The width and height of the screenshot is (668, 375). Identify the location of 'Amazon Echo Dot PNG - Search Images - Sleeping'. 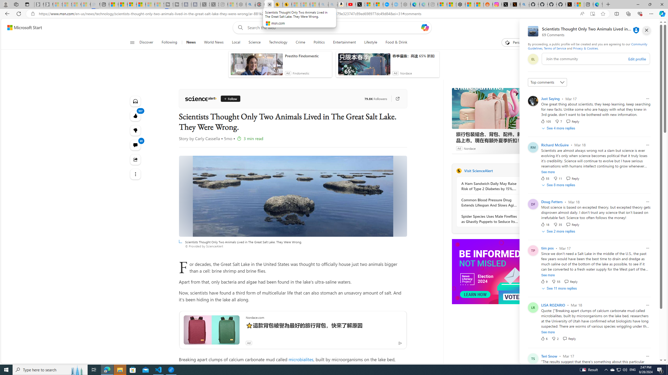
(333, 4).